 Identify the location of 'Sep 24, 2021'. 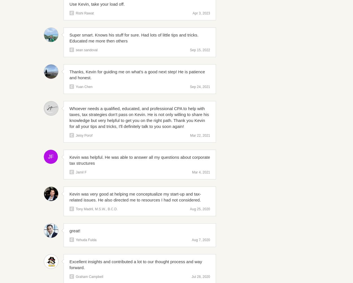
(200, 87).